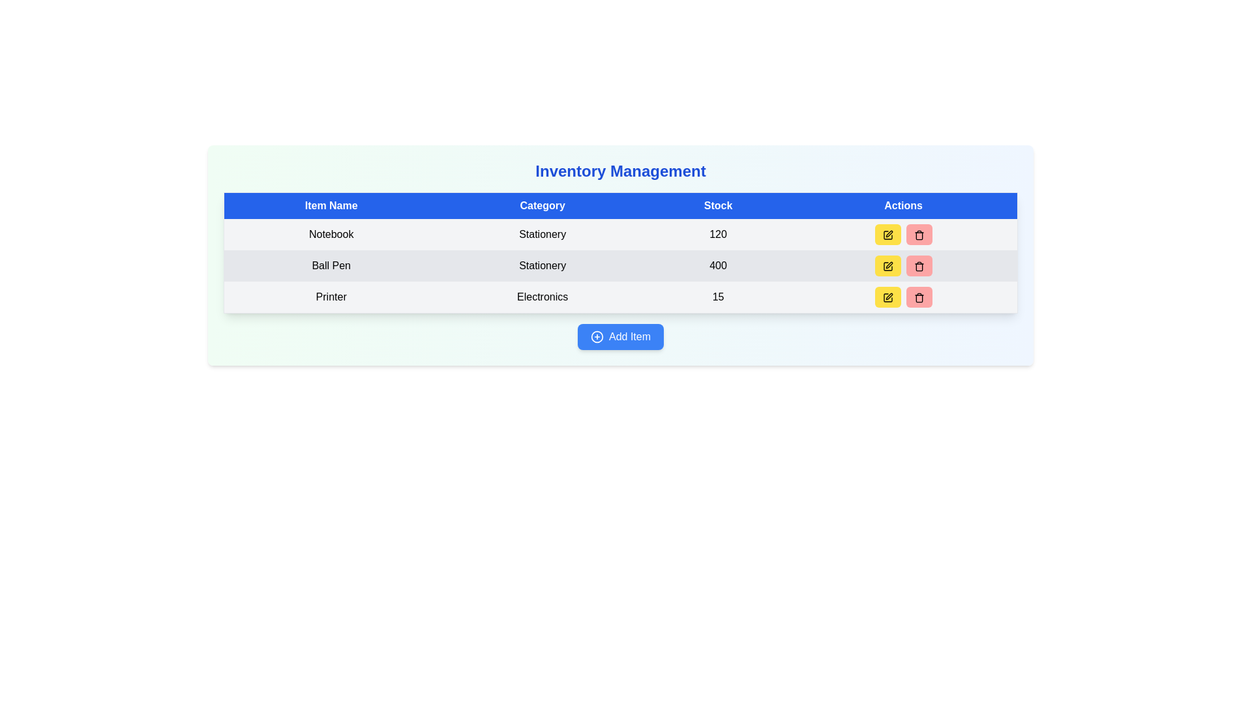 This screenshot has height=704, width=1252. I want to click on the edit button located in the actions column of the first row of the table, positioned on the right side of the display, adjacent to a red trash button, to initiate editing, so click(887, 233).